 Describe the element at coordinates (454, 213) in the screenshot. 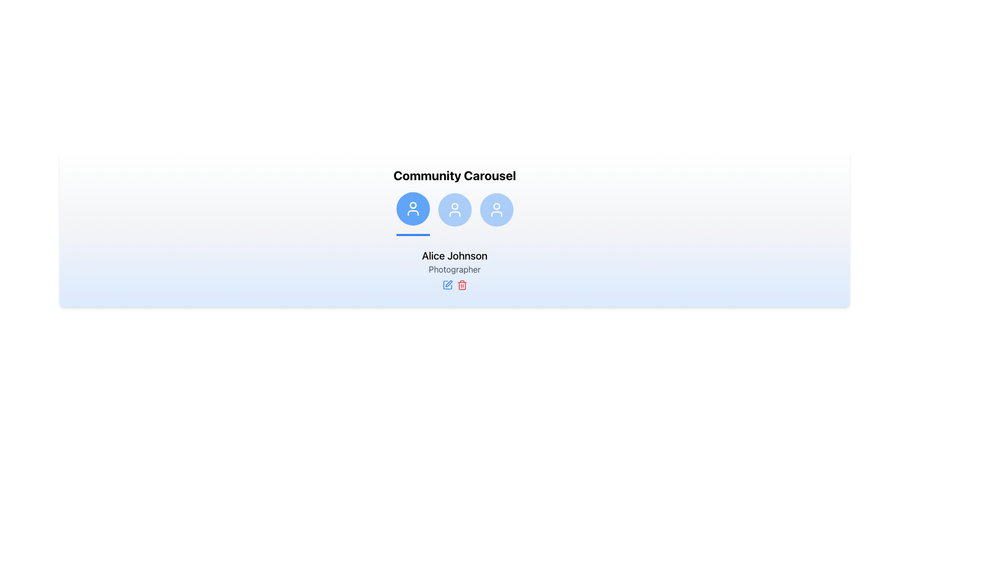

I see `the second circular icon in the Community Carousel, which represents a selectable user-related entity` at that location.